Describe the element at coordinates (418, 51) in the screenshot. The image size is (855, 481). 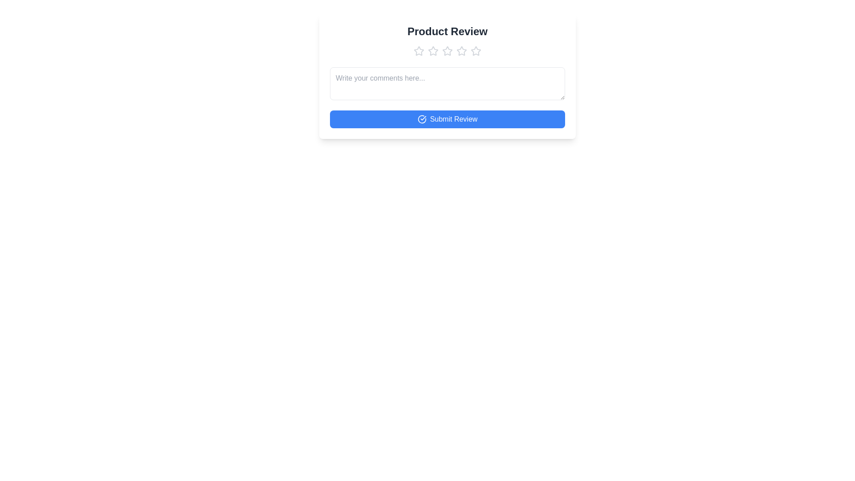
I see `the star corresponding to the desired rating 1` at that location.